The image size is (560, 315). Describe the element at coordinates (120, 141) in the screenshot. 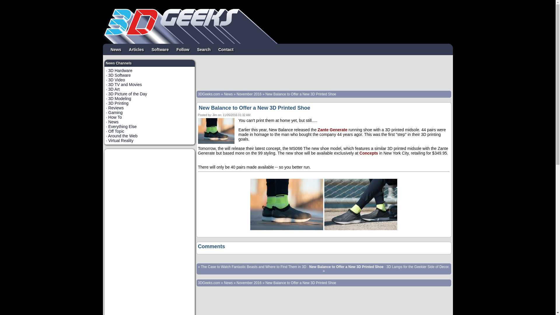

I see `'Virtual Reality'` at that location.